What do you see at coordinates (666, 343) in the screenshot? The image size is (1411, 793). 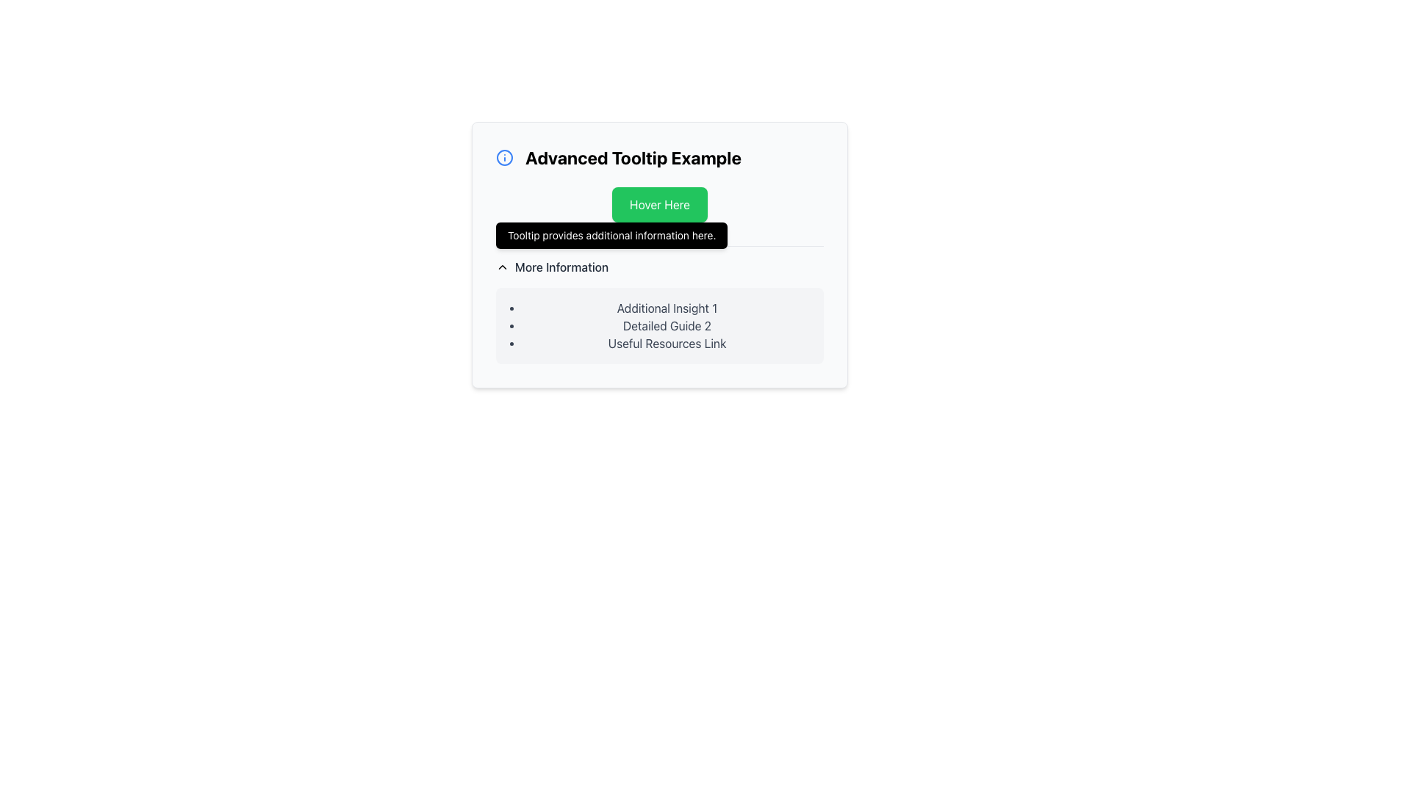 I see `the non-interactive list item displaying the text 'Useful Resources Link' which is the last item in a bulleted list within the 'More Information' section` at bounding box center [666, 343].